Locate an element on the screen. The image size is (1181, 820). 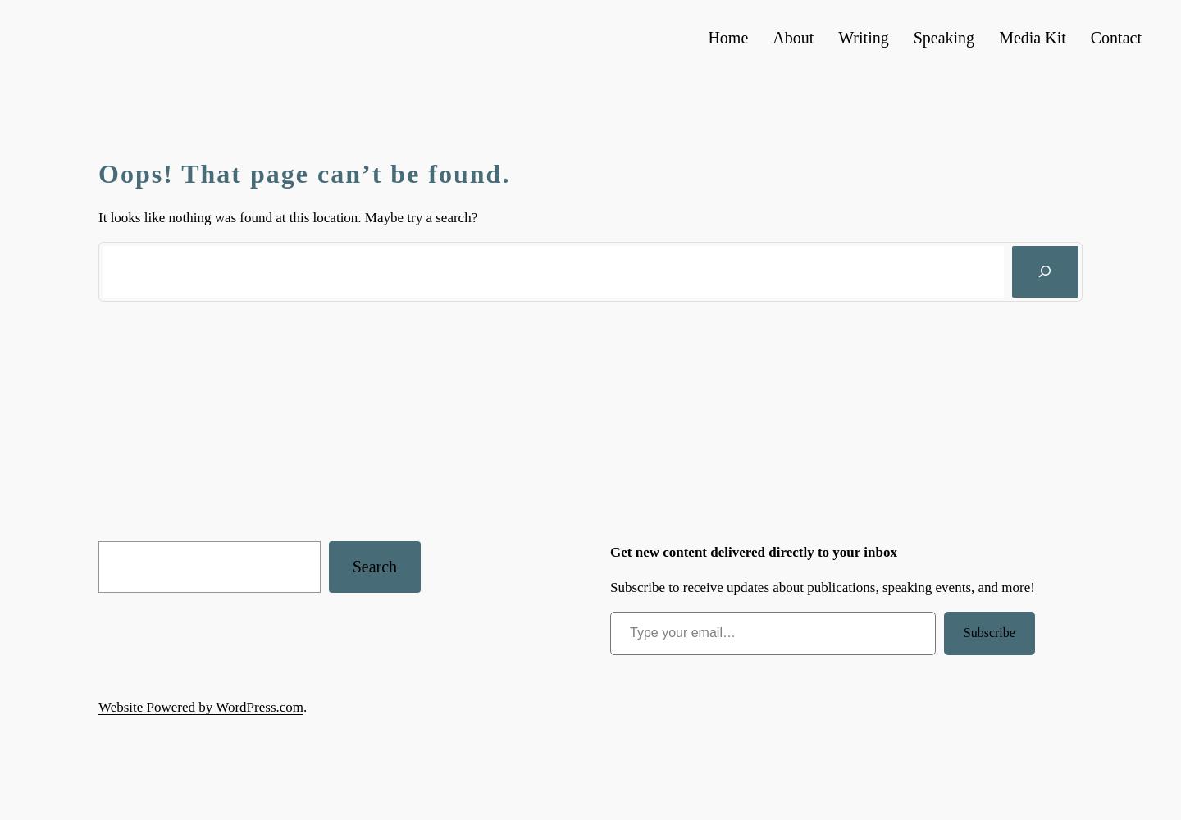
'Speaking' is located at coordinates (943, 38).